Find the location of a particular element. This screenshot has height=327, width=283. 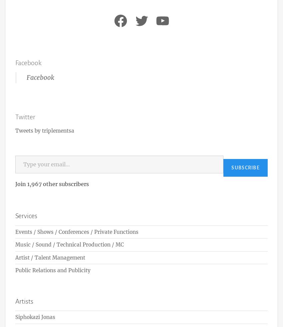

'Services' is located at coordinates (15, 215).